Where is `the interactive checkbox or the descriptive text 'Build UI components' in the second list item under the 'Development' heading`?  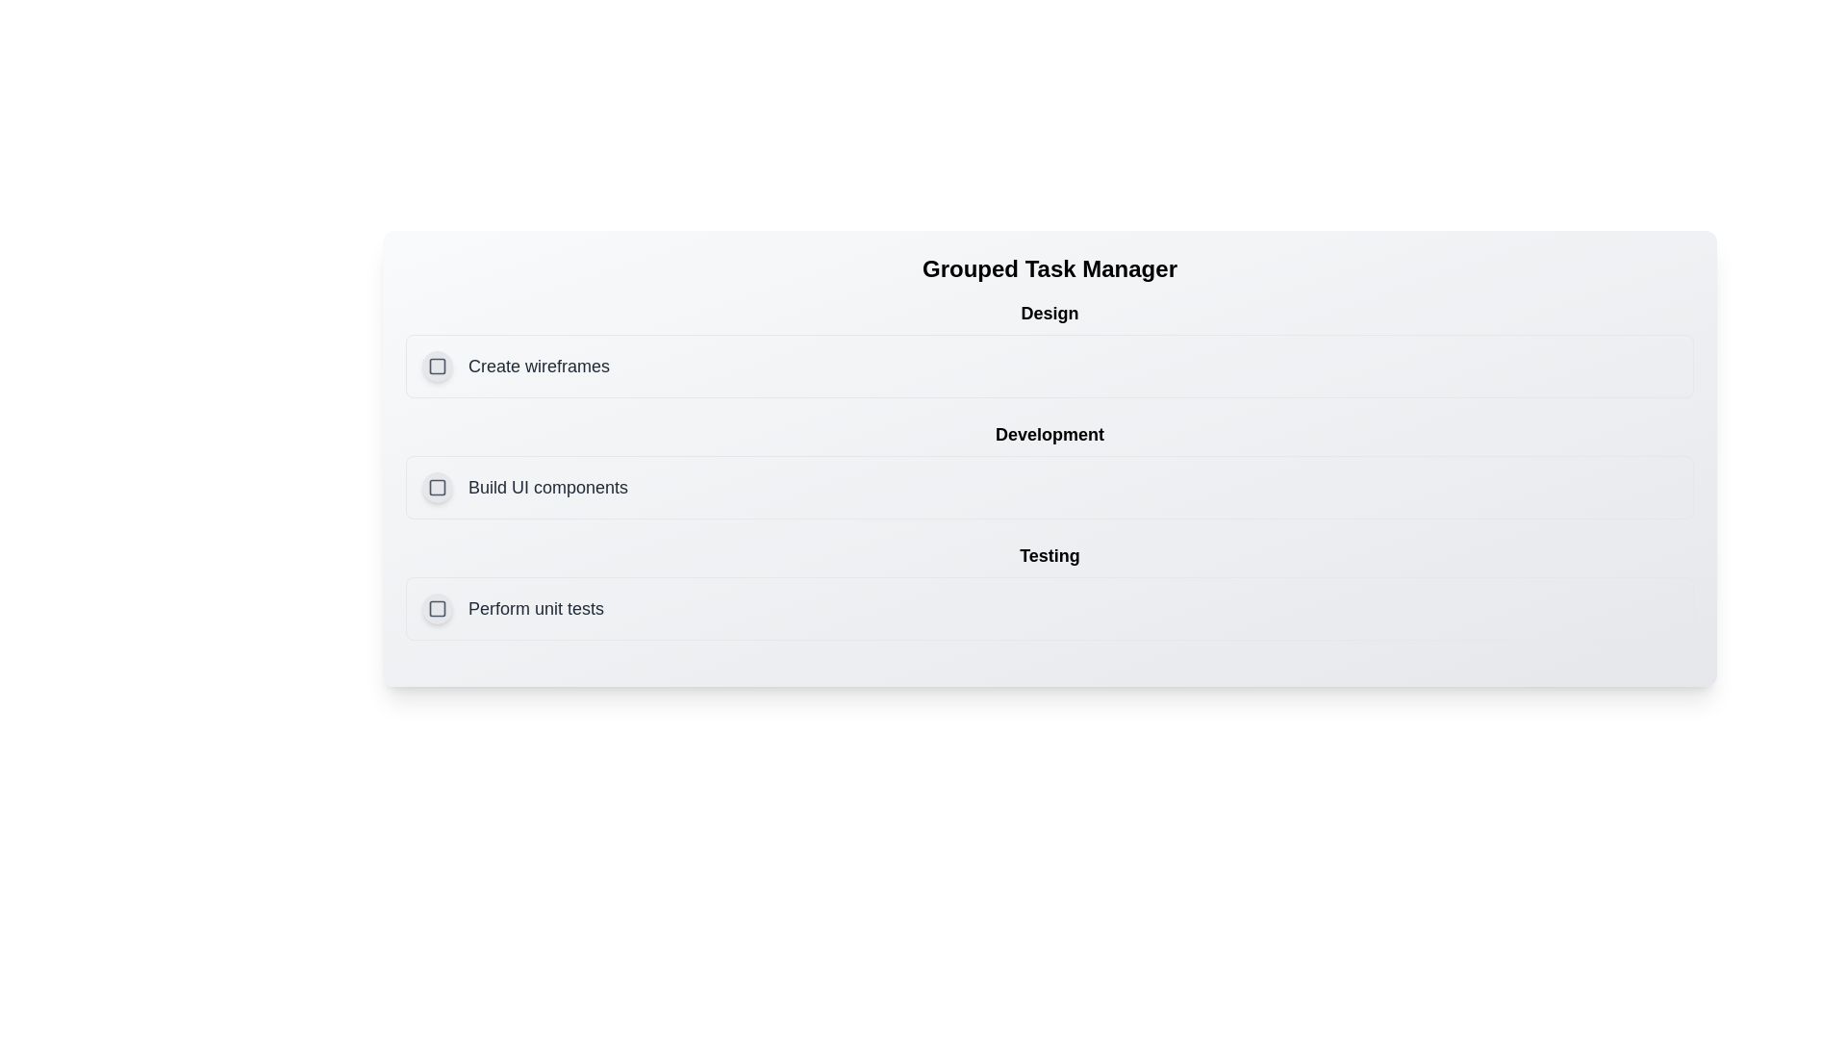 the interactive checkbox or the descriptive text 'Build UI components' in the second list item under the 'Development' heading is located at coordinates (525, 486).